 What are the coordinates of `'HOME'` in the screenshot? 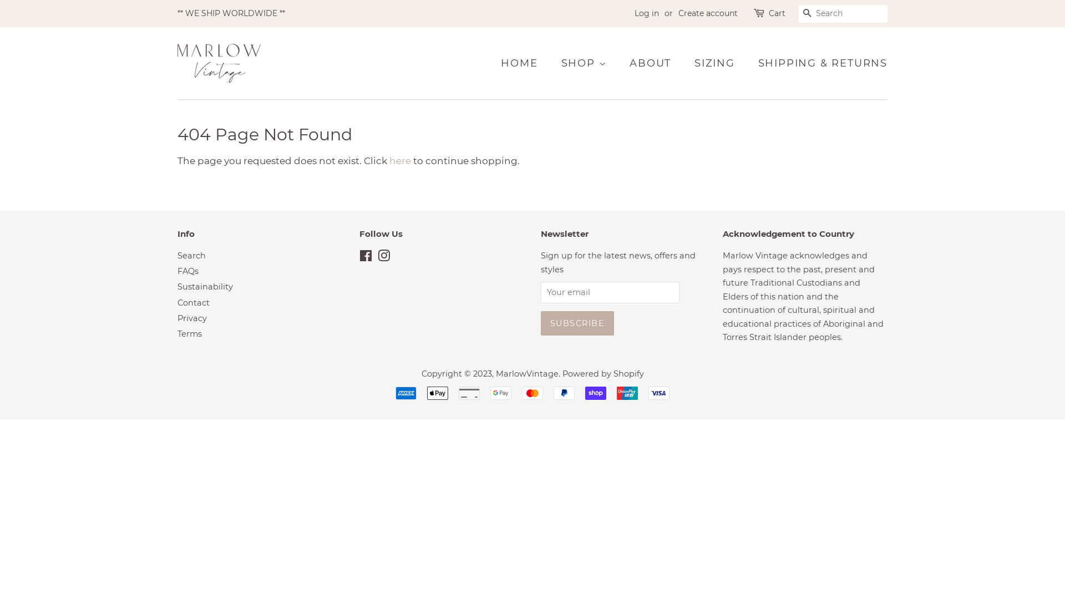 It's located at (500, 63).